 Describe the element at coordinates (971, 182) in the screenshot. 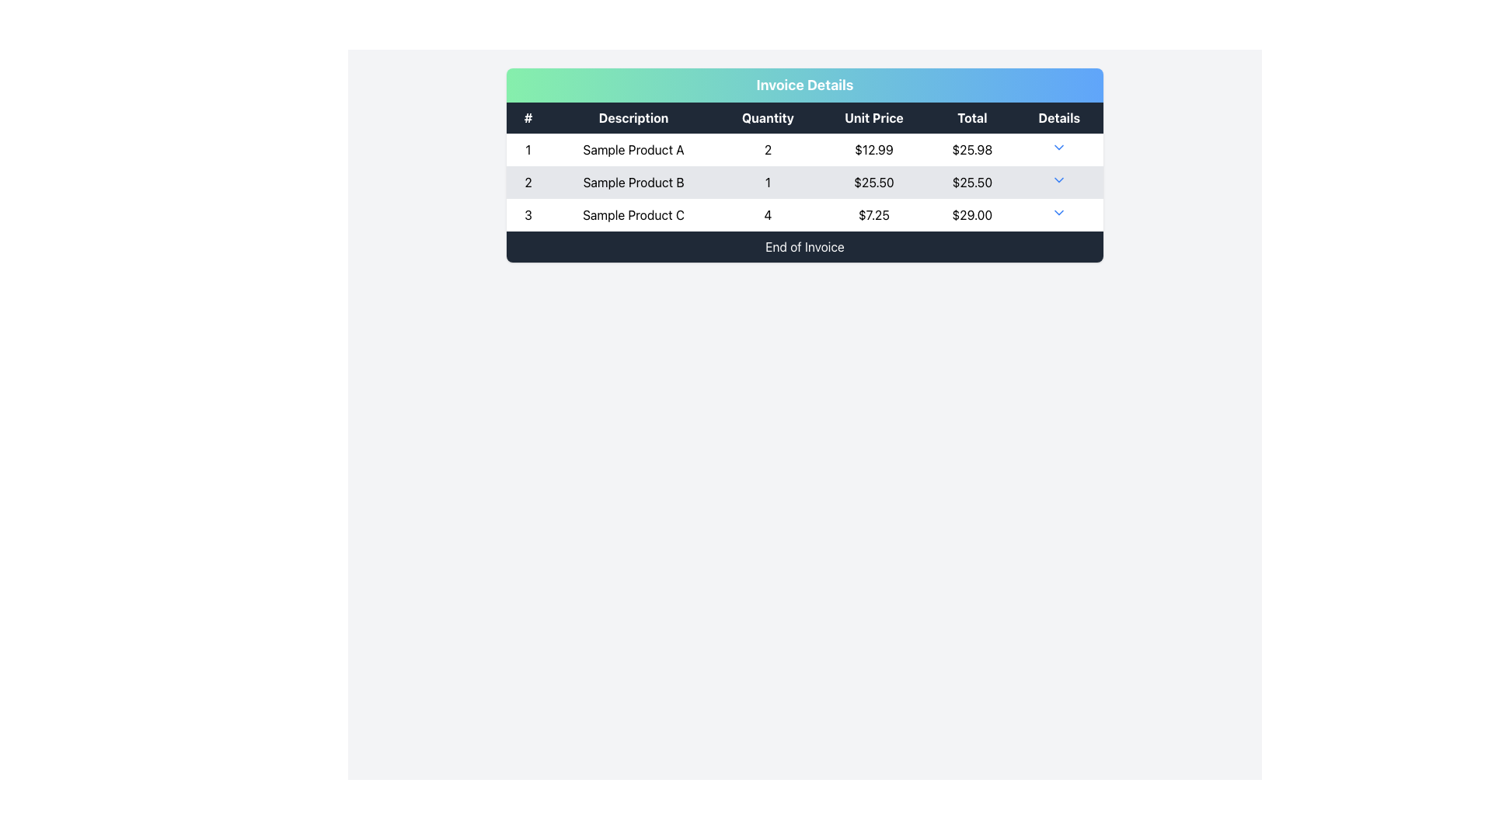

I see `the Text Label displaying the total amount '$25.50' in the second row of the table under the 'Total' column` at that location.